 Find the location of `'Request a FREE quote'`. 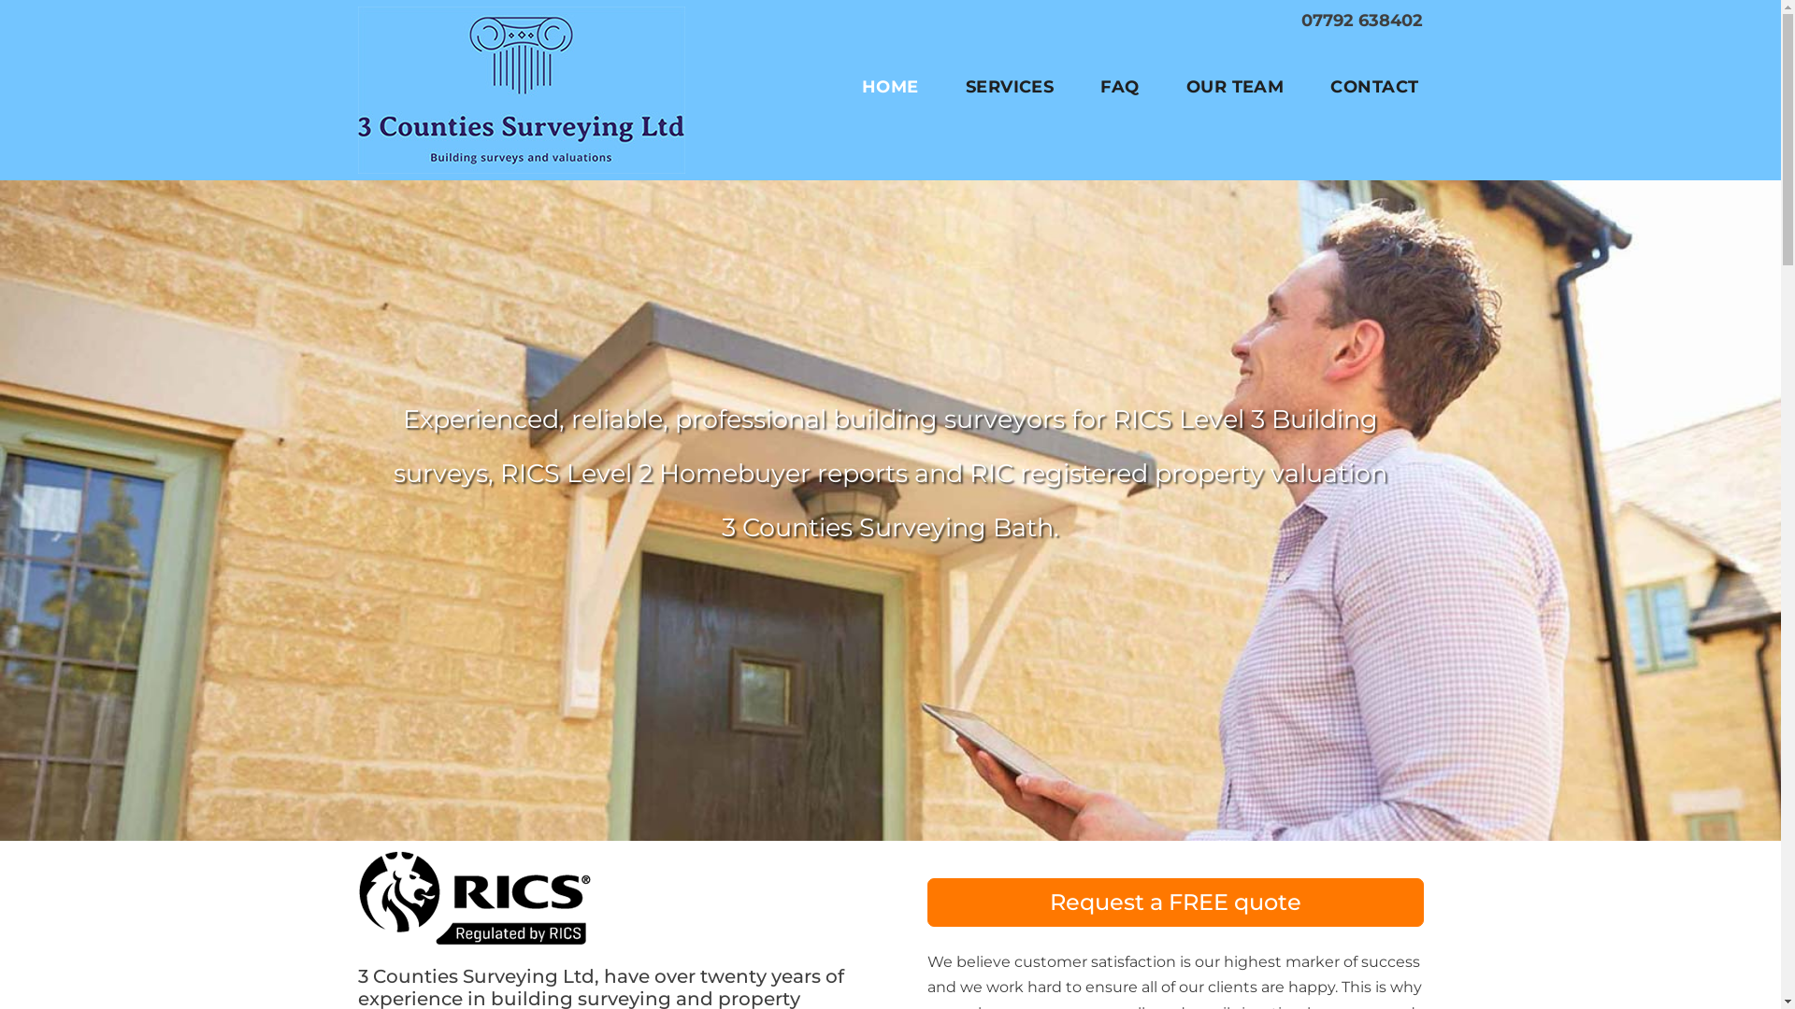

'Request a FREE quote' is located at coordinates (1174, 901).